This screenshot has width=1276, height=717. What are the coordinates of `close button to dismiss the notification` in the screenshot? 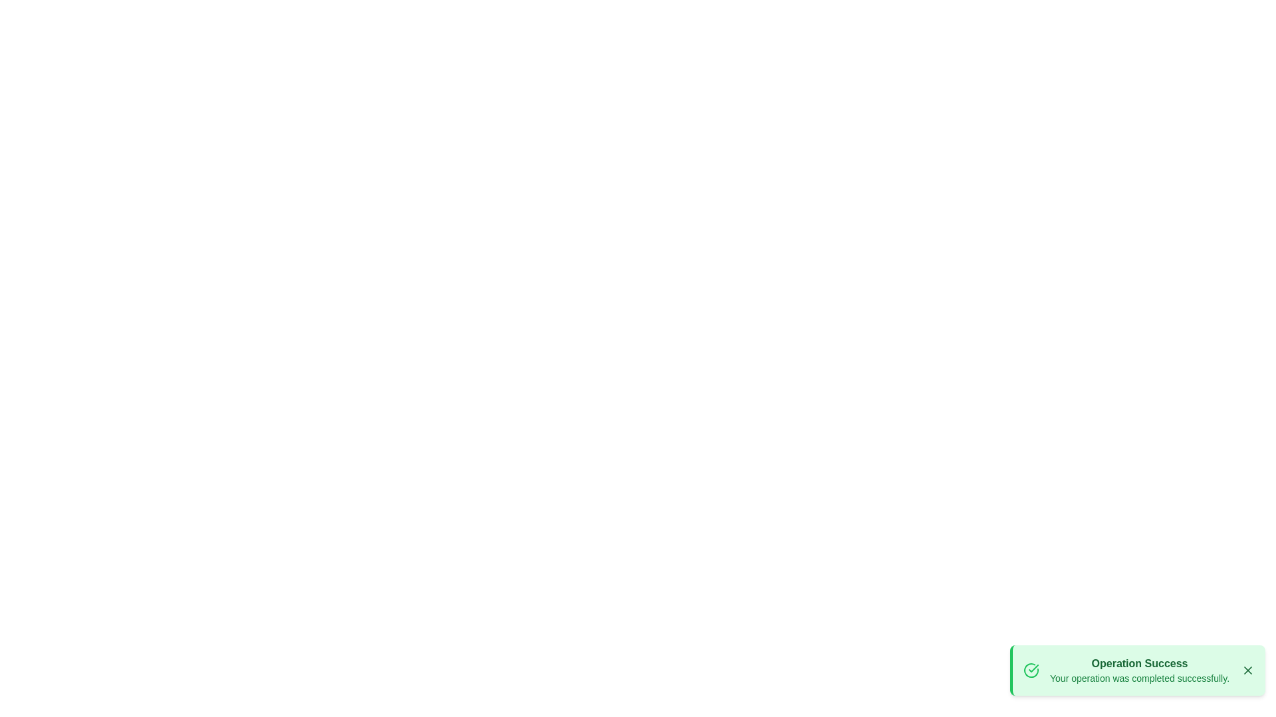 It's located at (1247, 671).